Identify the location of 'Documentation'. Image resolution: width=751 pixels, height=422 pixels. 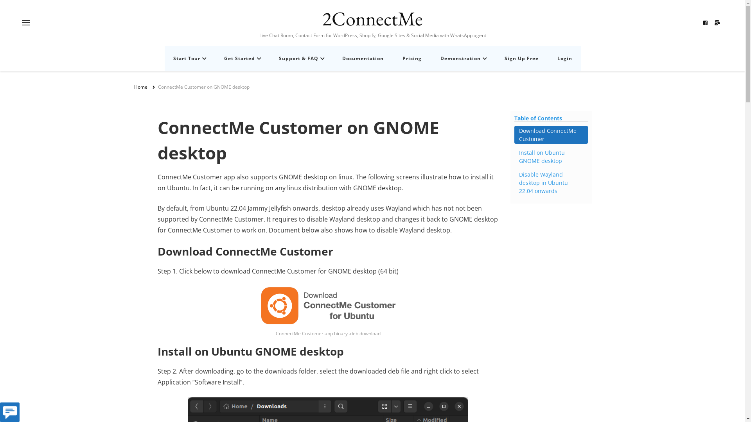
(362, 58).